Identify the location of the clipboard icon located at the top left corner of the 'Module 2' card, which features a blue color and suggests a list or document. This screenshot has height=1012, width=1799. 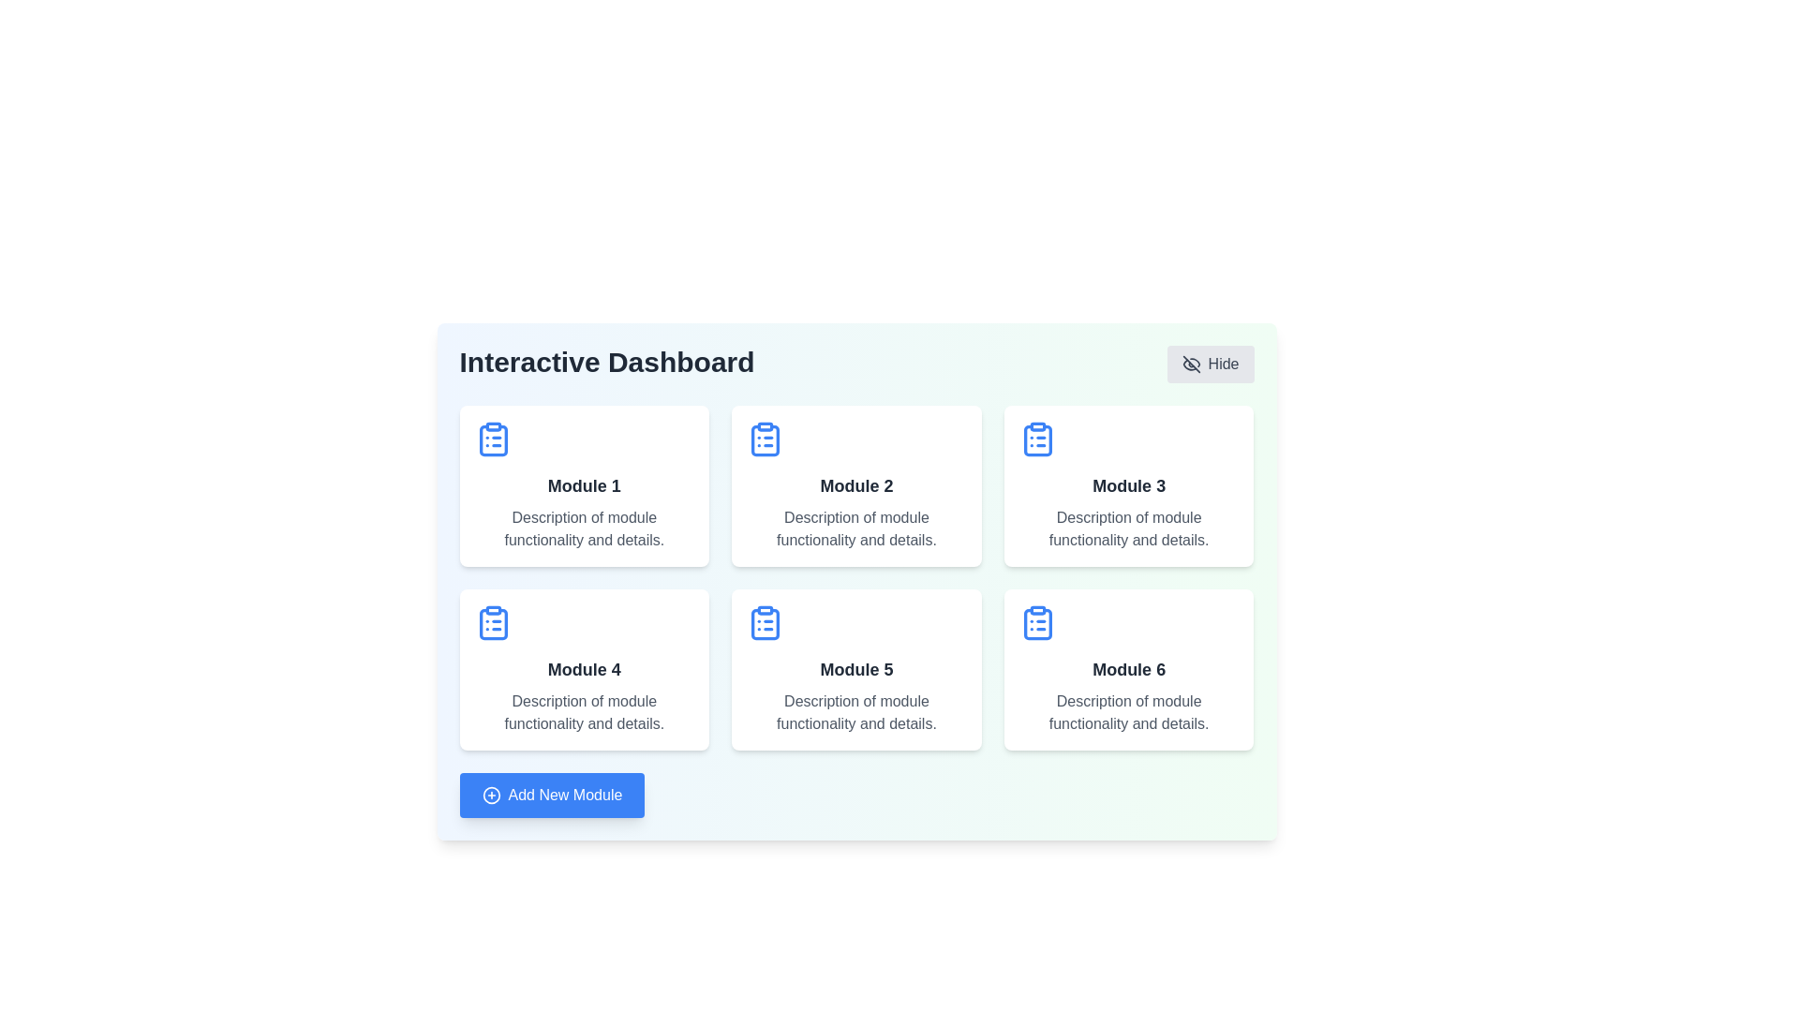
(766, 439).